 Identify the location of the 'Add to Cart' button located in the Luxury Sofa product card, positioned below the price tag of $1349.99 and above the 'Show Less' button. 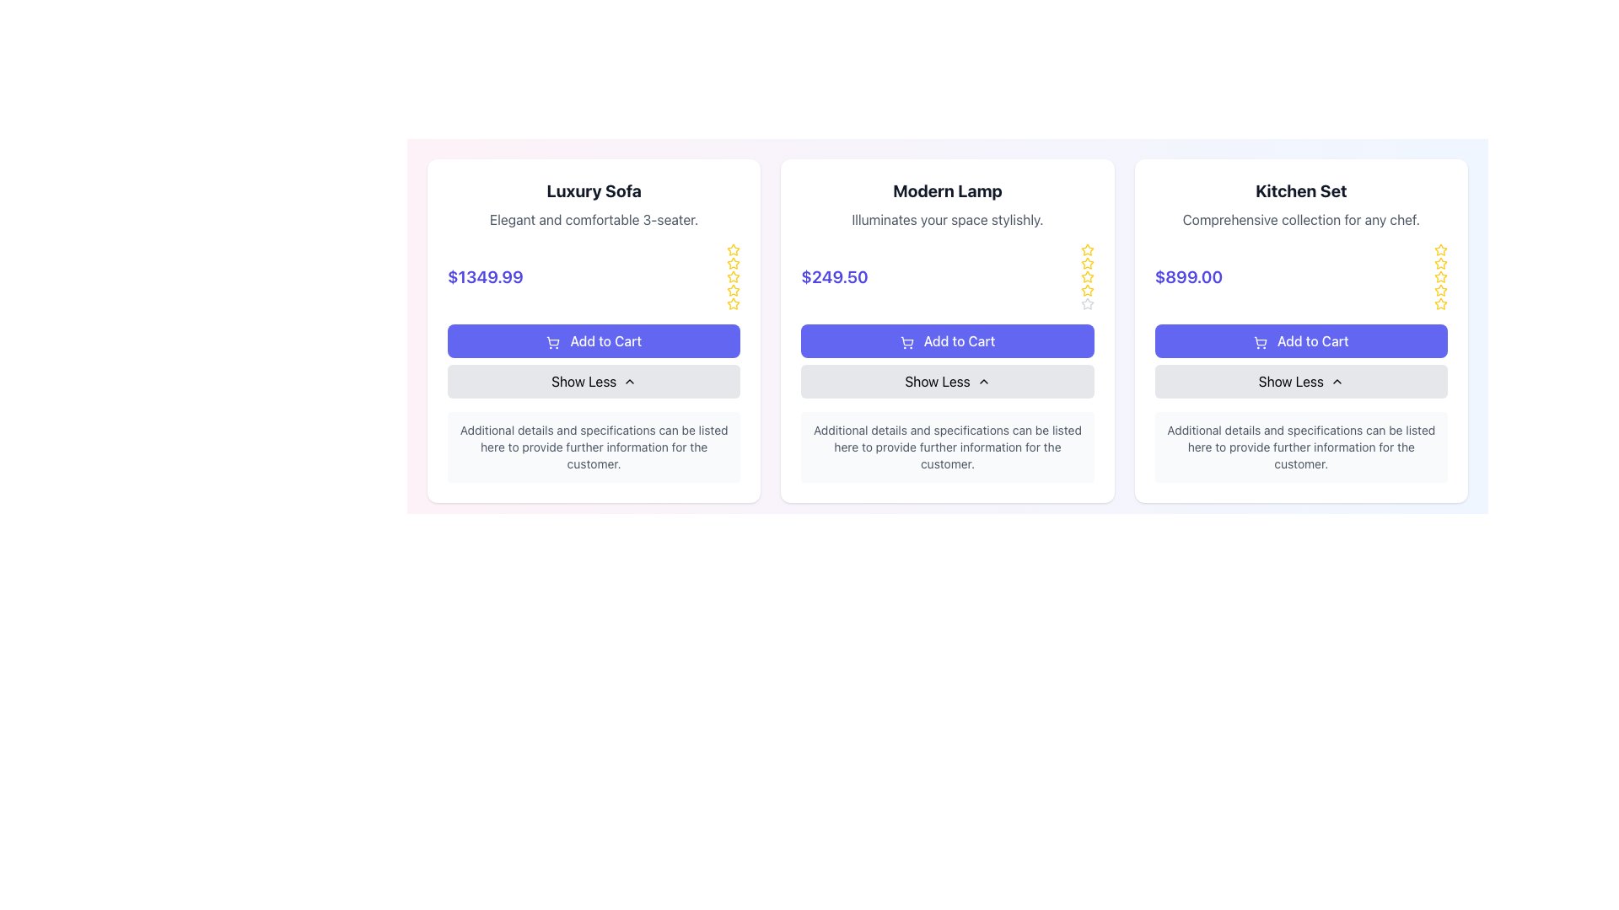
(594, 341).